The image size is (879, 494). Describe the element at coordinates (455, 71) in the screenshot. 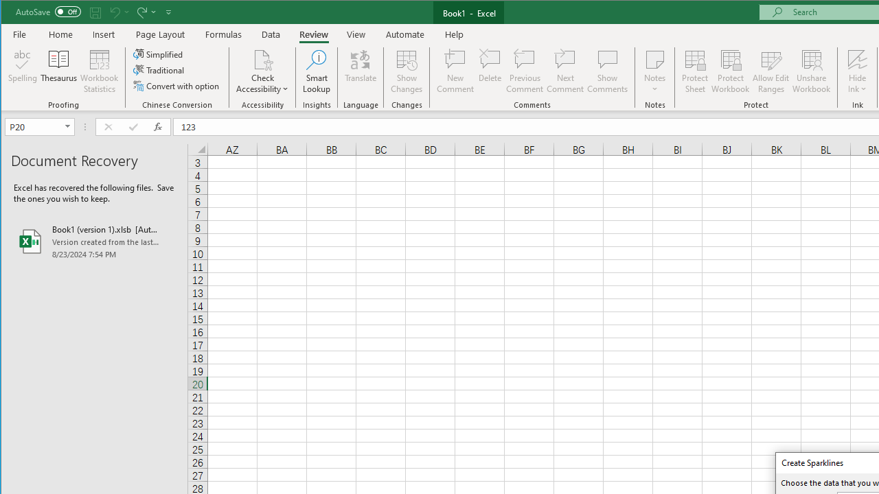

I see `'New Comment'` at that location.